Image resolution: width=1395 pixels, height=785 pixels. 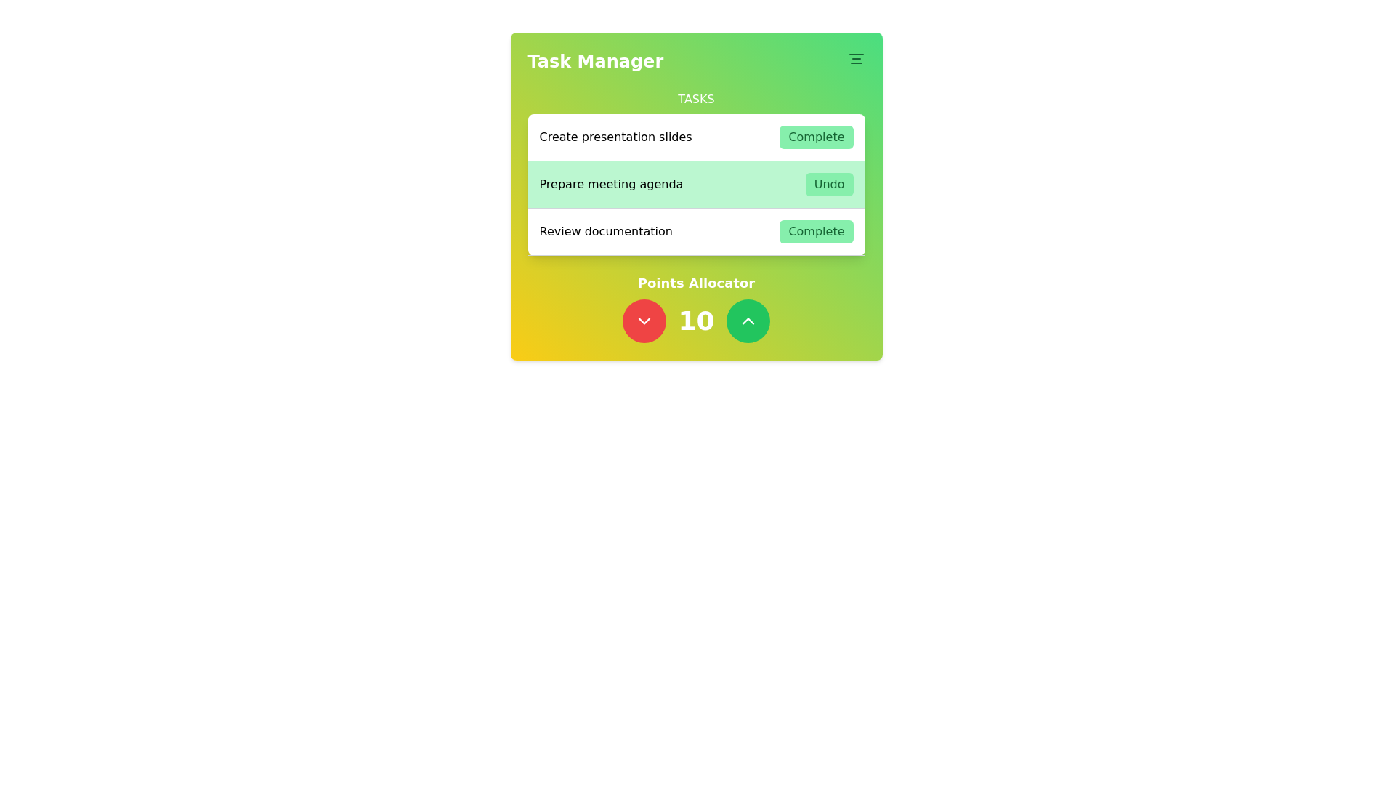 What do you see at coordinates (606, 231) in the screenshot?
I see `the text label that serves as a descriptor for a task in the task management interface, located to the left of the green 'Complete' button` at bounding box center [606, 231].